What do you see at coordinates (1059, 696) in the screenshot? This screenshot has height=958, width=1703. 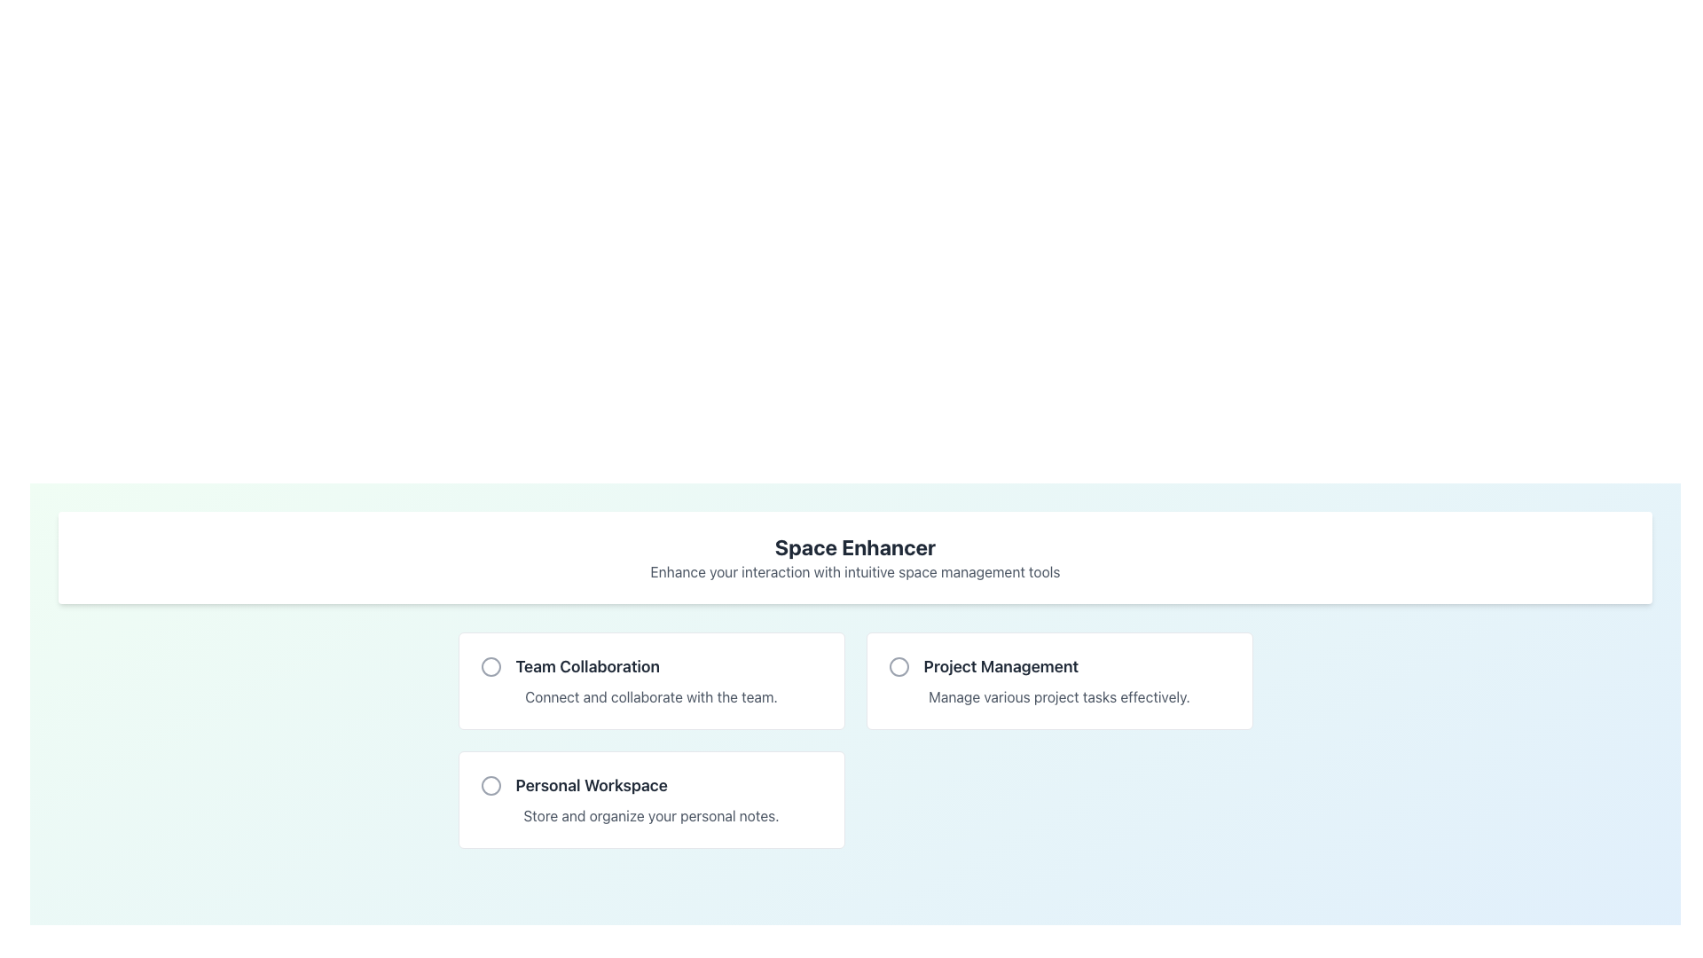 I see `text label that states 'Manage various project tasks effectively.' located beneath the title 'Project Management' within the selection card` at bounding box center [1059, 696].